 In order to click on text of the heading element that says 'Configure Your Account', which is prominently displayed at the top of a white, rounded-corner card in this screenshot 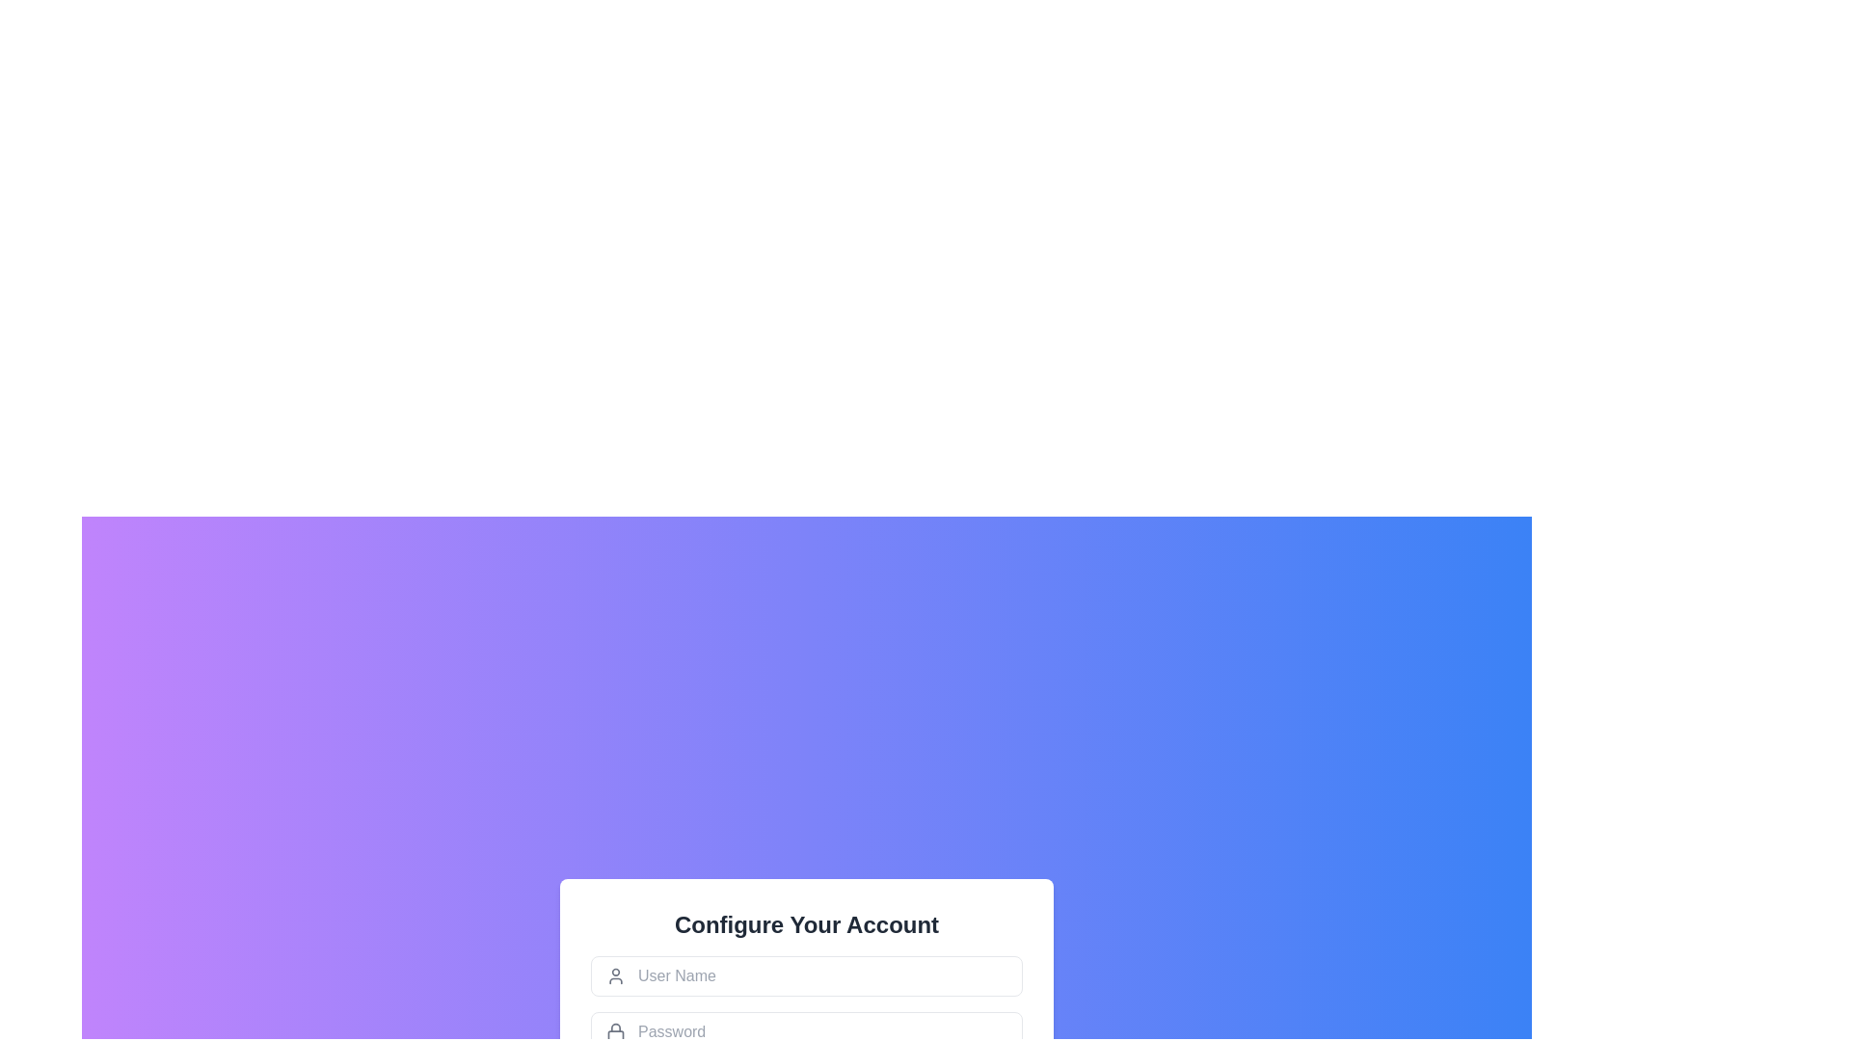, I will do `click(806, 923)`.